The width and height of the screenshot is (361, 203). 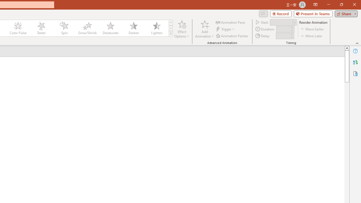 What do you see at coordinates (311, 36) in the screenshot?
I see `'Move Later'` at bounding box center [311, 36].